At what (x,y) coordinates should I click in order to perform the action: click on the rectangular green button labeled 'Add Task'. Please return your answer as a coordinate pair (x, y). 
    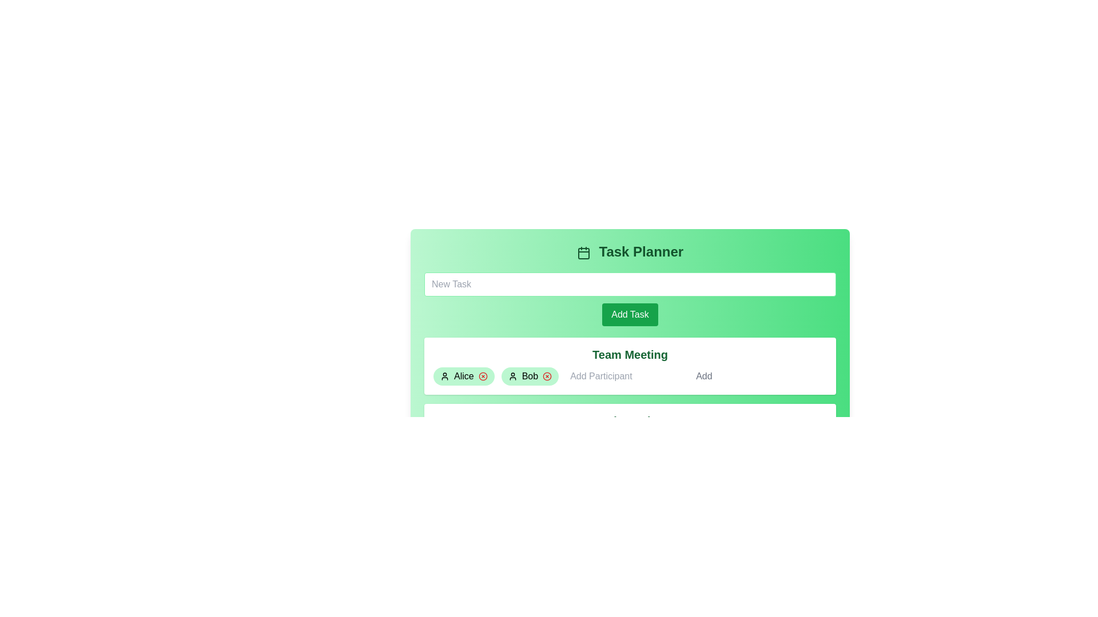
    Looking at the image, I should click on (630, 315).